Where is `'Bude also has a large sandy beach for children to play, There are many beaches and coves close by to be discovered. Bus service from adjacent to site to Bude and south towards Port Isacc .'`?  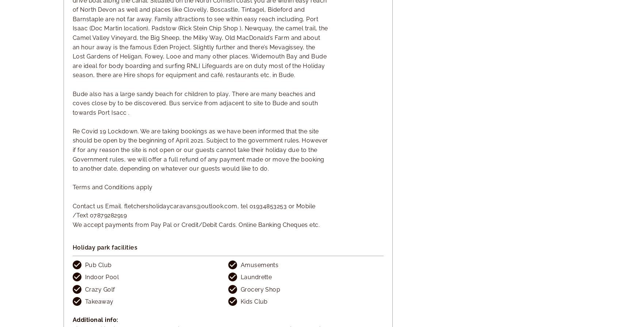 'Bude also has a large sandy beach for children to play, There are many beaches and coves close by to be discovered. Bus service from adjacent to site to Bude and south towards Port Isacc .' is located at coordinates (72, 103).